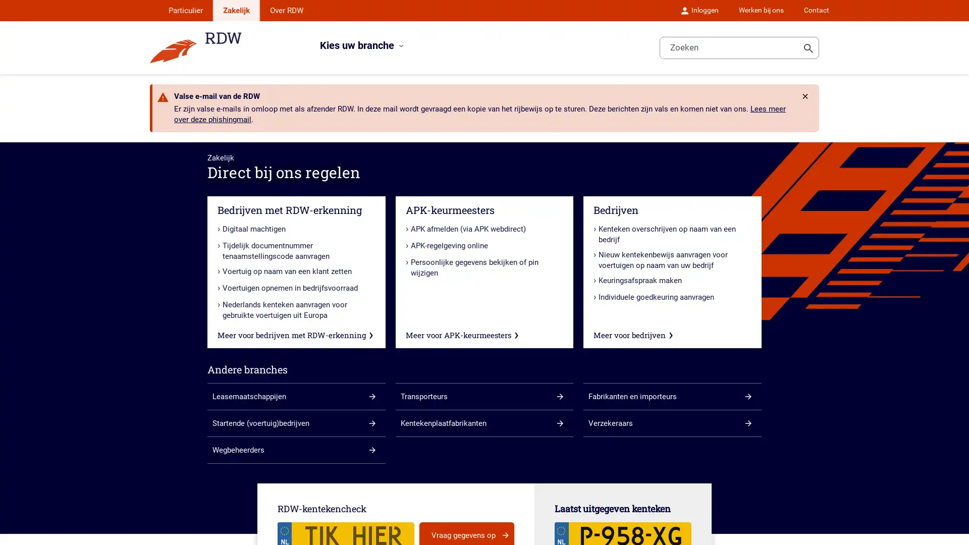  What do you see at coordinates (808, 48) in the screenshot?
I see `Toon zoeken` at bounding box center [808, 48].